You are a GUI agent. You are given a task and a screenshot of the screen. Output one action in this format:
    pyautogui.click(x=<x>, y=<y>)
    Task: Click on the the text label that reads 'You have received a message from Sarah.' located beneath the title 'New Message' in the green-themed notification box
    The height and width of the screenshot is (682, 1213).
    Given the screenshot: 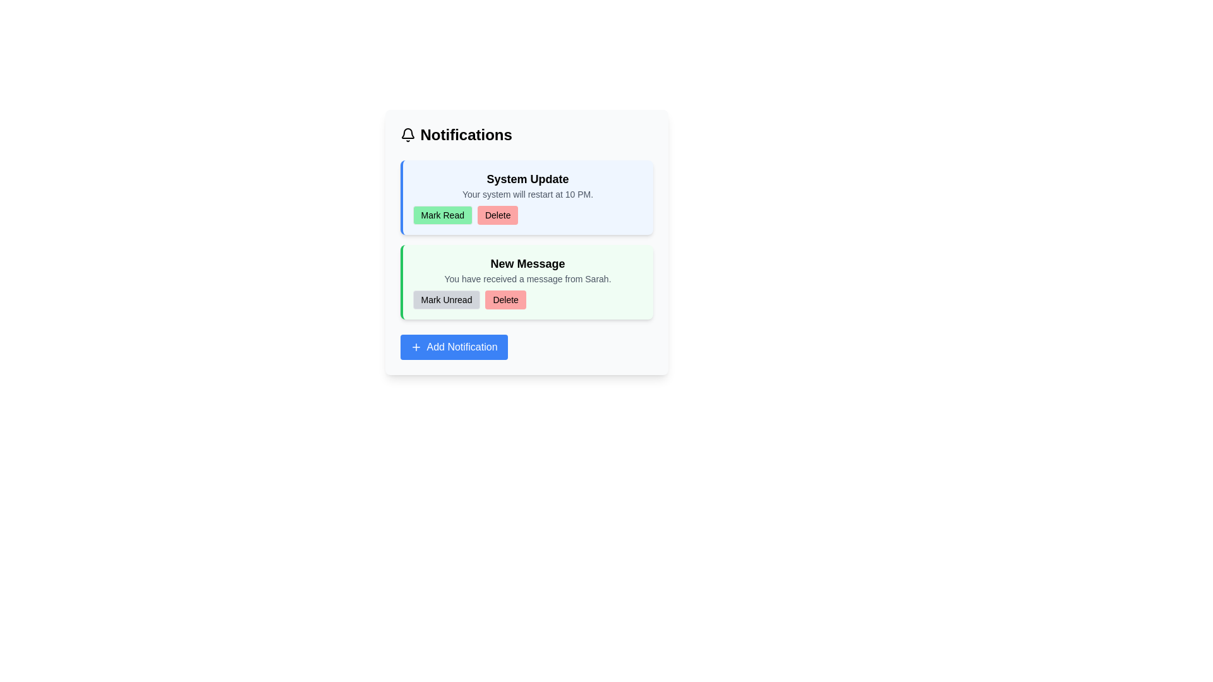 What is the action you would take?
    pyautogui.click(x=528, y=278)
    